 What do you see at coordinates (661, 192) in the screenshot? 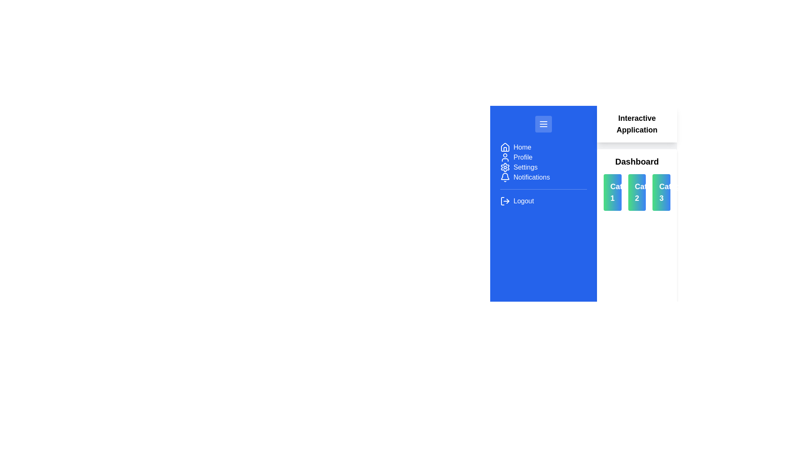
I see `the text label in the third card labeled 'Category 3' in the dashboard interface` at bounding box center [661, 192].